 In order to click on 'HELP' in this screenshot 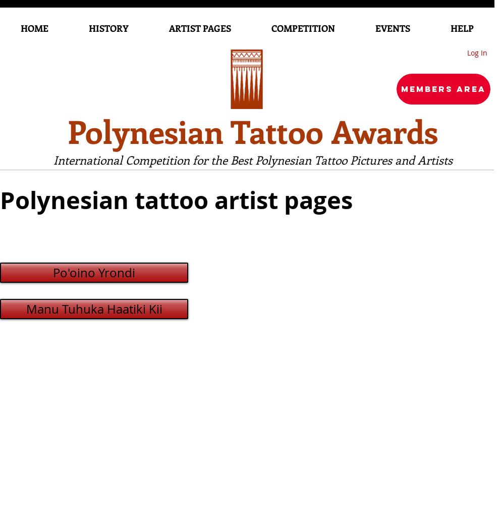, I will do `click(461, 28)`.